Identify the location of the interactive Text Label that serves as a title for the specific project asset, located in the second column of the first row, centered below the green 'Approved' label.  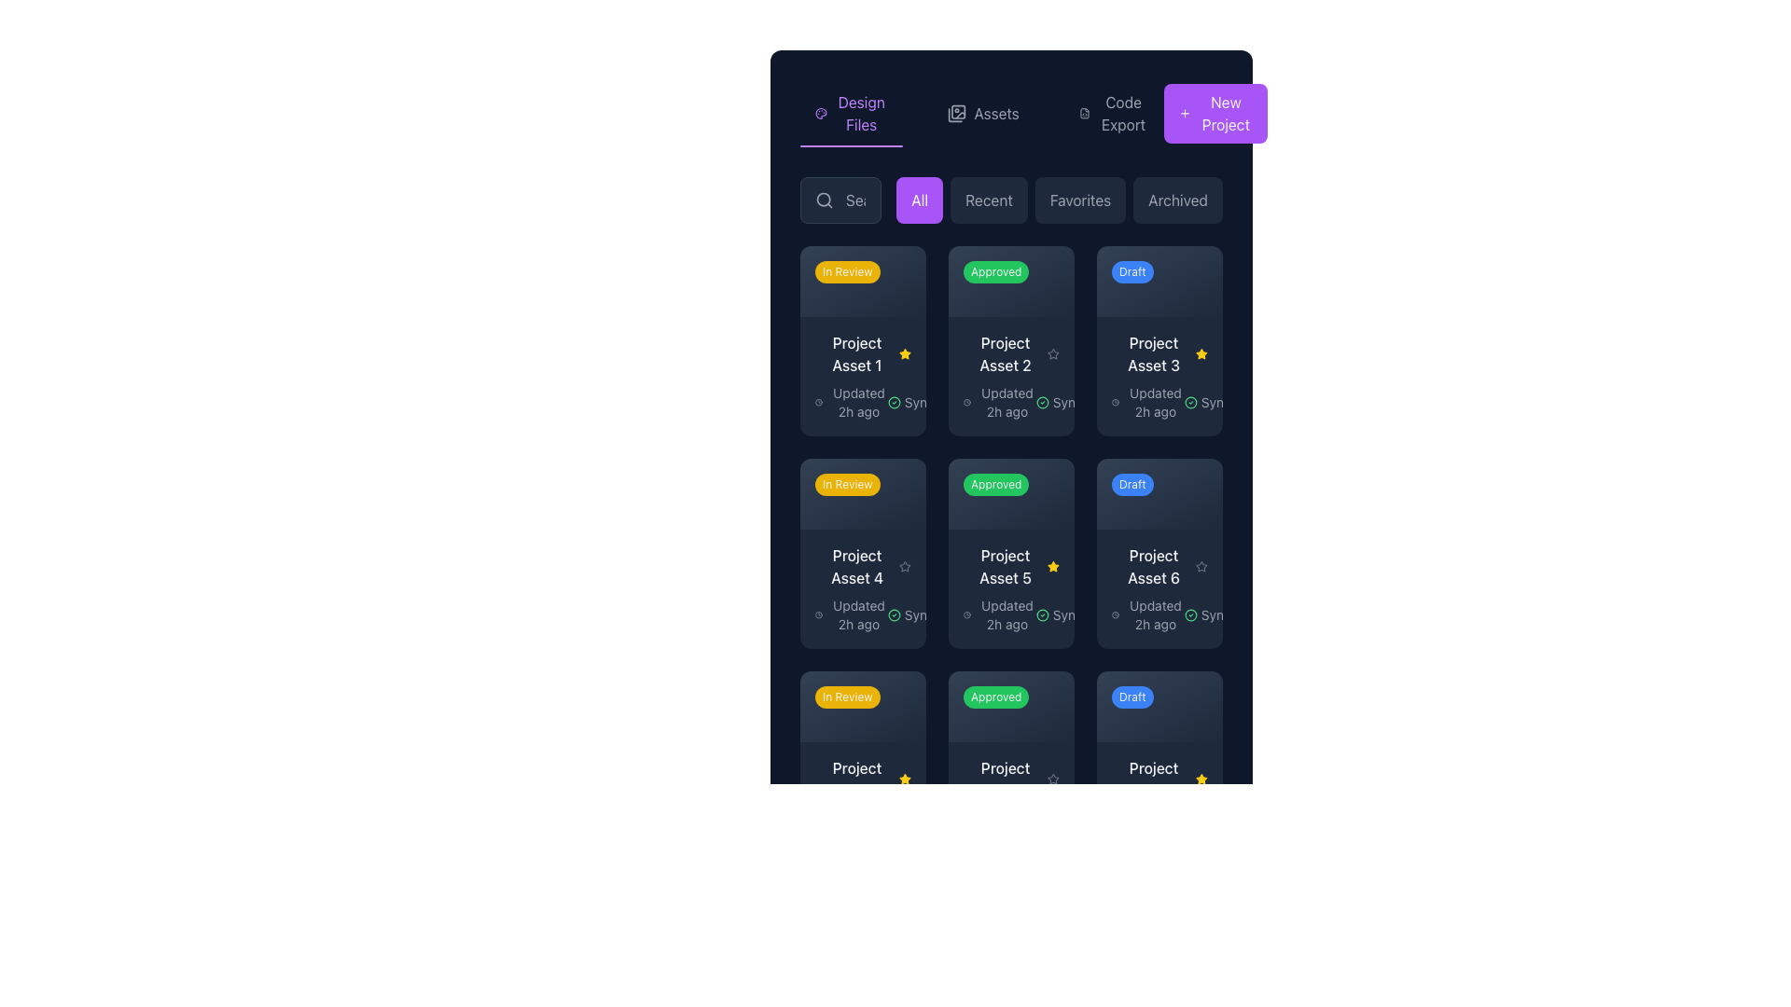
(1005, 353).